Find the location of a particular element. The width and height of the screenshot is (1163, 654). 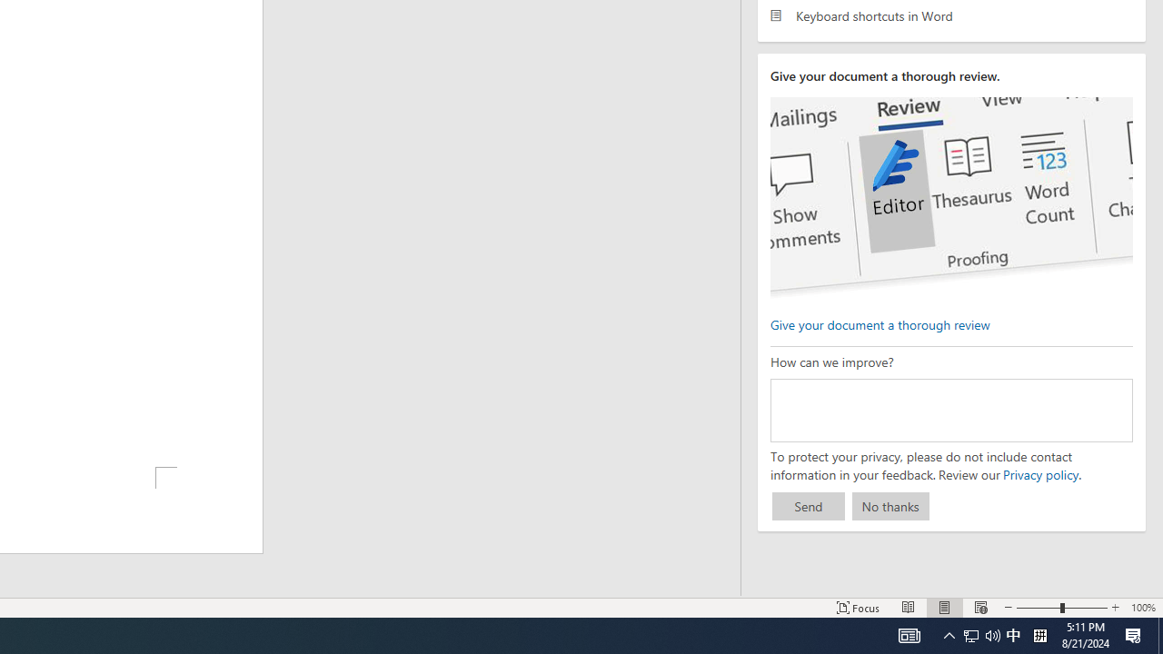

'Send' is located at coordinates (808, 506).